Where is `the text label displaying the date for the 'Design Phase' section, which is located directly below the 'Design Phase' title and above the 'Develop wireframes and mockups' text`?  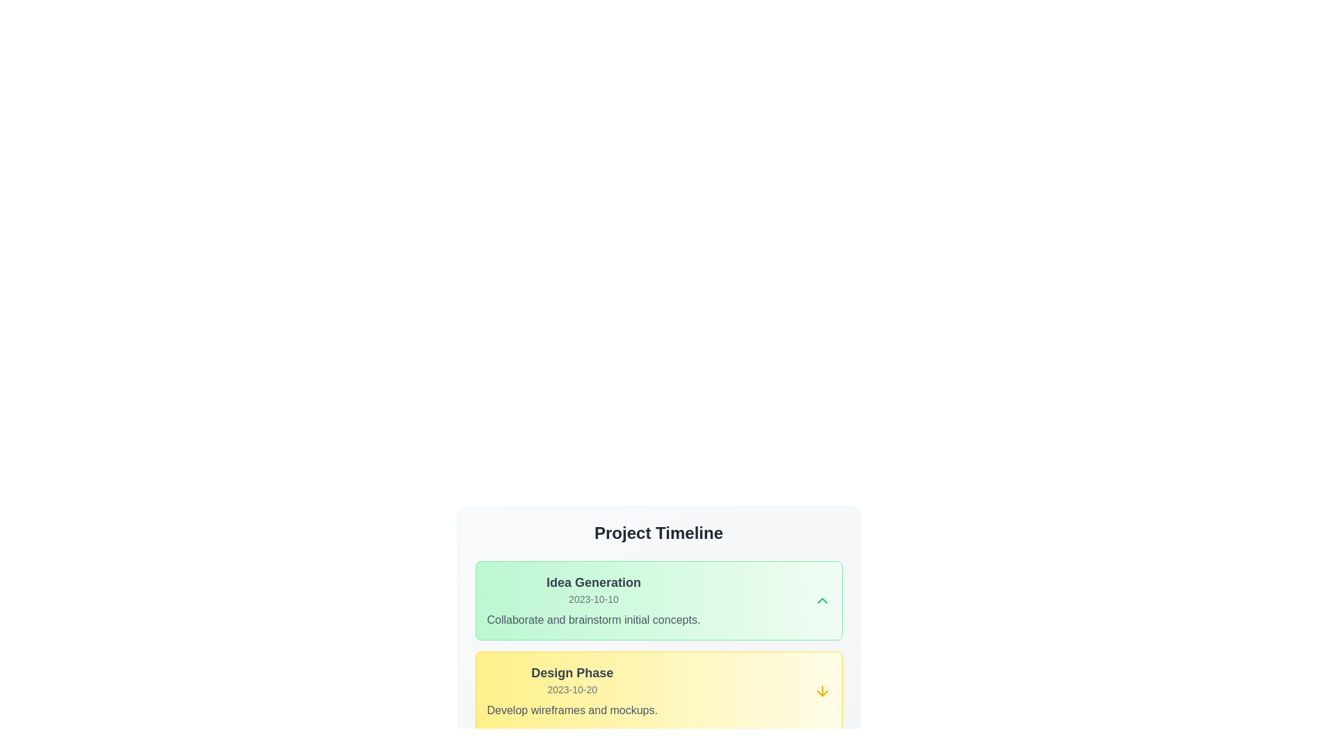
the text label displaying the date for the 'Design Phase' section, which is located directly below the 'Design Phase' title and above the 'Develop wireframes and mockups' text is located at coordinates (572, 689).